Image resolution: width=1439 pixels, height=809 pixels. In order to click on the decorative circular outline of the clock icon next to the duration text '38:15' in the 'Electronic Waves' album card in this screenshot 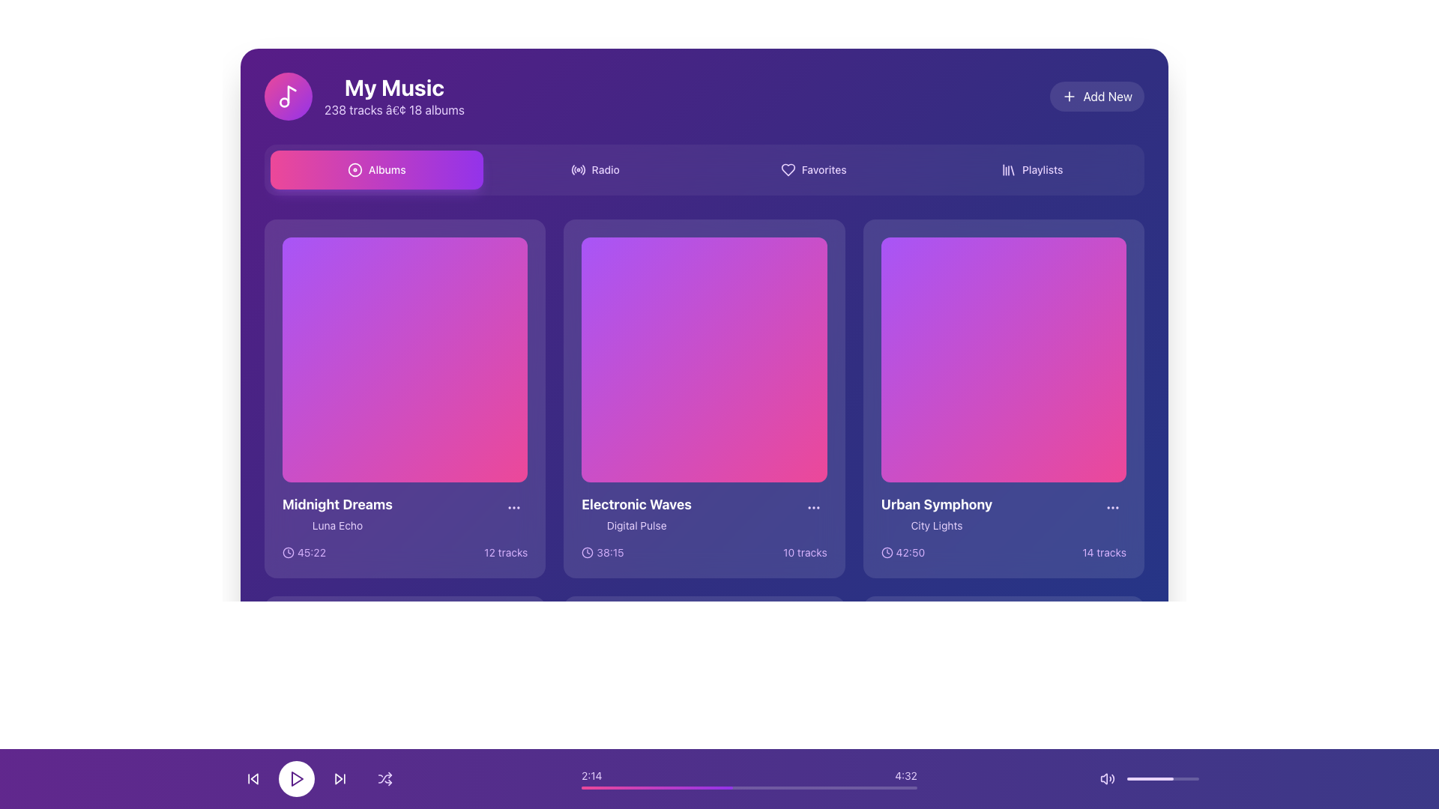, I will do `click(587, 553)`.